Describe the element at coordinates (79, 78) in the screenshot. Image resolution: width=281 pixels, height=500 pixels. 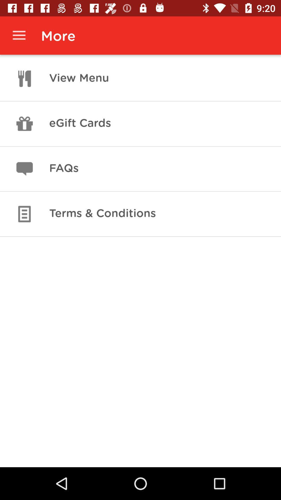
I see `the icon above the egift cards item` at that location.